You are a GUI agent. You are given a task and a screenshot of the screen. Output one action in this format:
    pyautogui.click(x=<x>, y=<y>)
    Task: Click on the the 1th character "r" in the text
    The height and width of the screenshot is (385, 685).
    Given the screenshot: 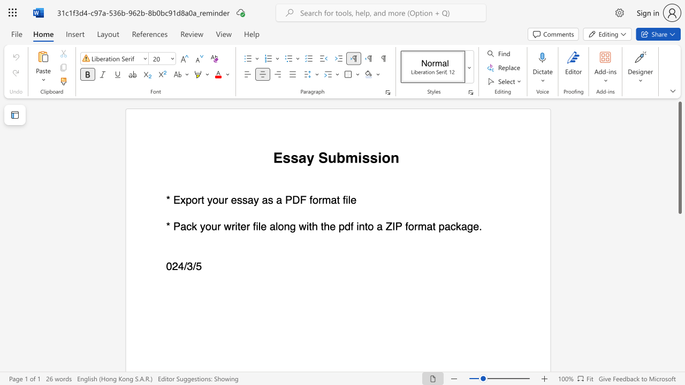 What is the action you would take?
    pyautogui.click(x=218, y=226)
    